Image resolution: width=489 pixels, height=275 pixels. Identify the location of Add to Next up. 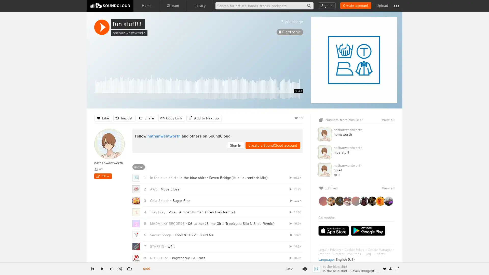
(204, 118).